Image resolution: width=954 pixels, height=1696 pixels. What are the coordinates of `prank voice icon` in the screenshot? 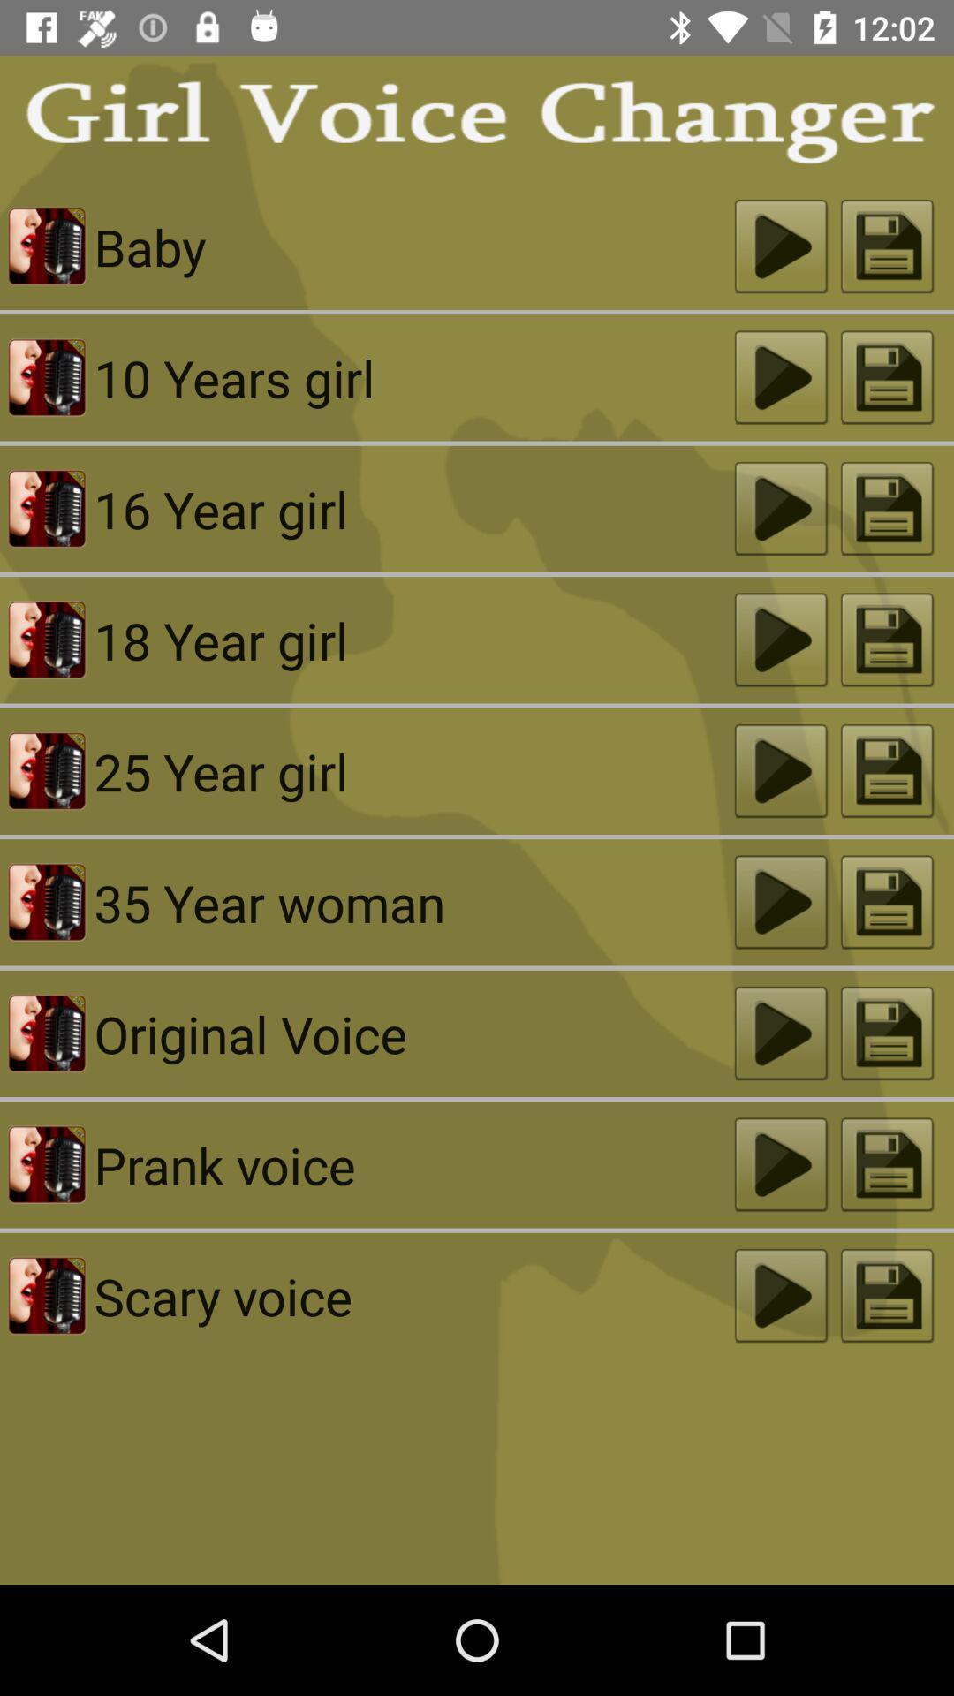 It's located at (414, 1164).